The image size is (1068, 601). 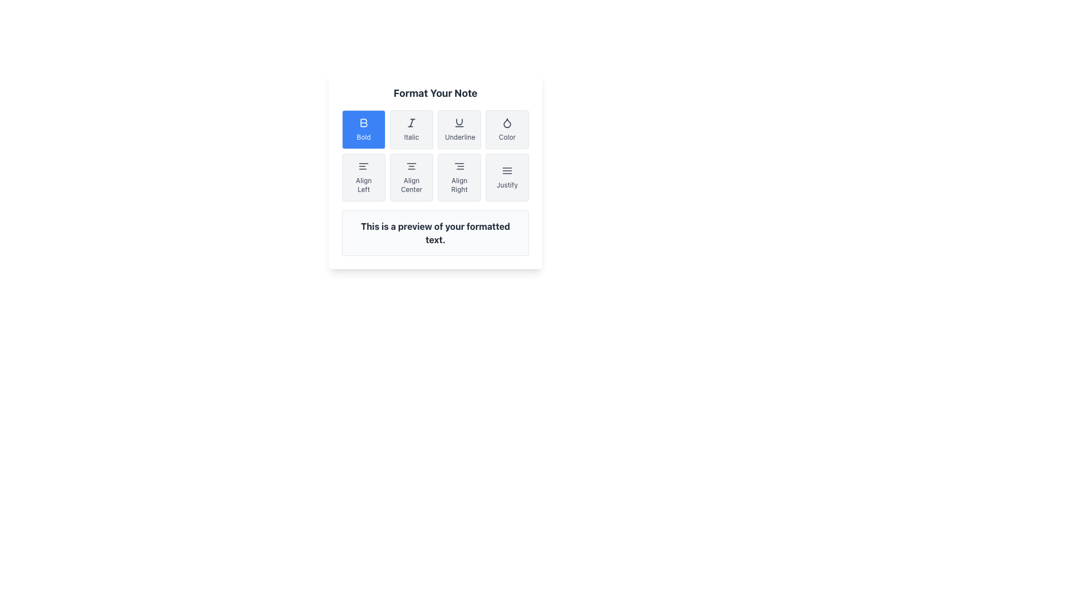 I want to click on the rightmost icon in the 'Justify' button group under the 'Format Your Note' section, so click(x=507, y=171).